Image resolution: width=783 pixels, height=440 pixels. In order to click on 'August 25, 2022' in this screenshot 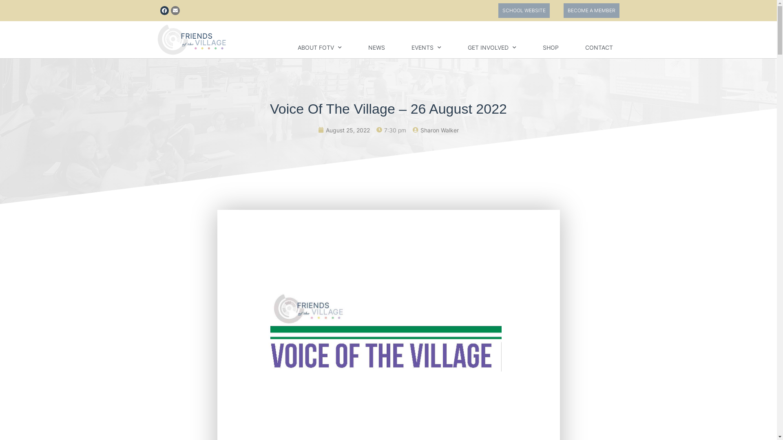, I will do `click(344, 130)`.